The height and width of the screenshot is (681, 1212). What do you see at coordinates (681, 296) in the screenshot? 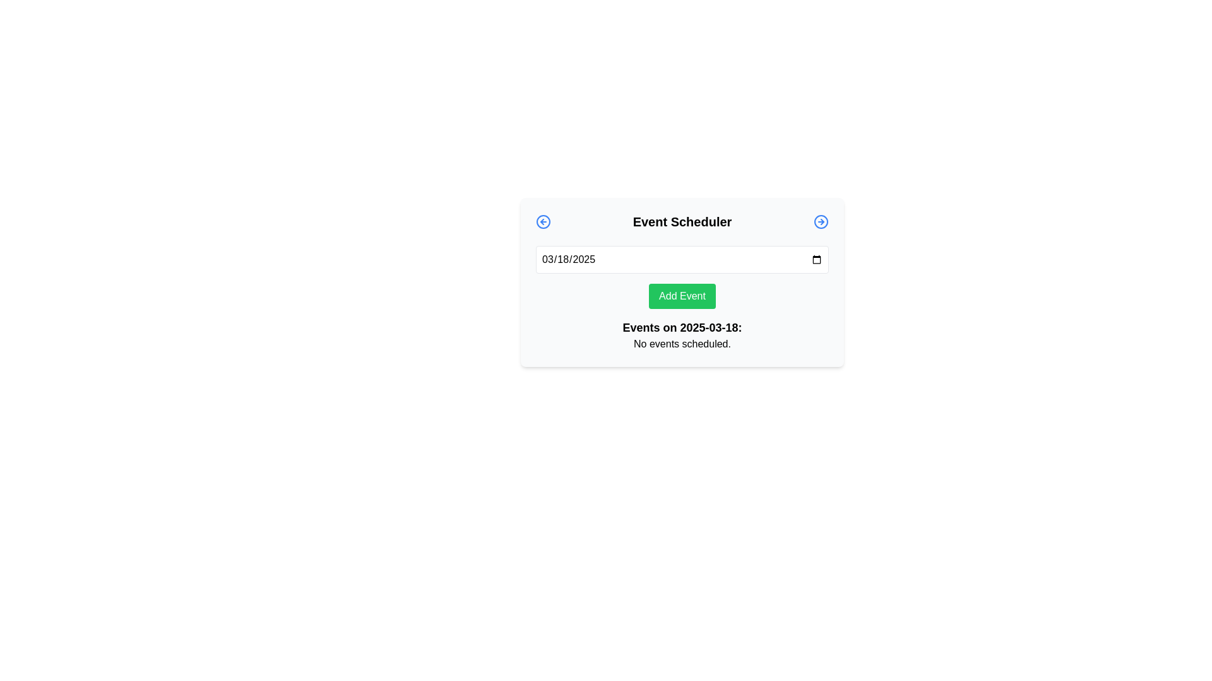
I see `the green 'Add Event' button` at bounding box center [681, 296].